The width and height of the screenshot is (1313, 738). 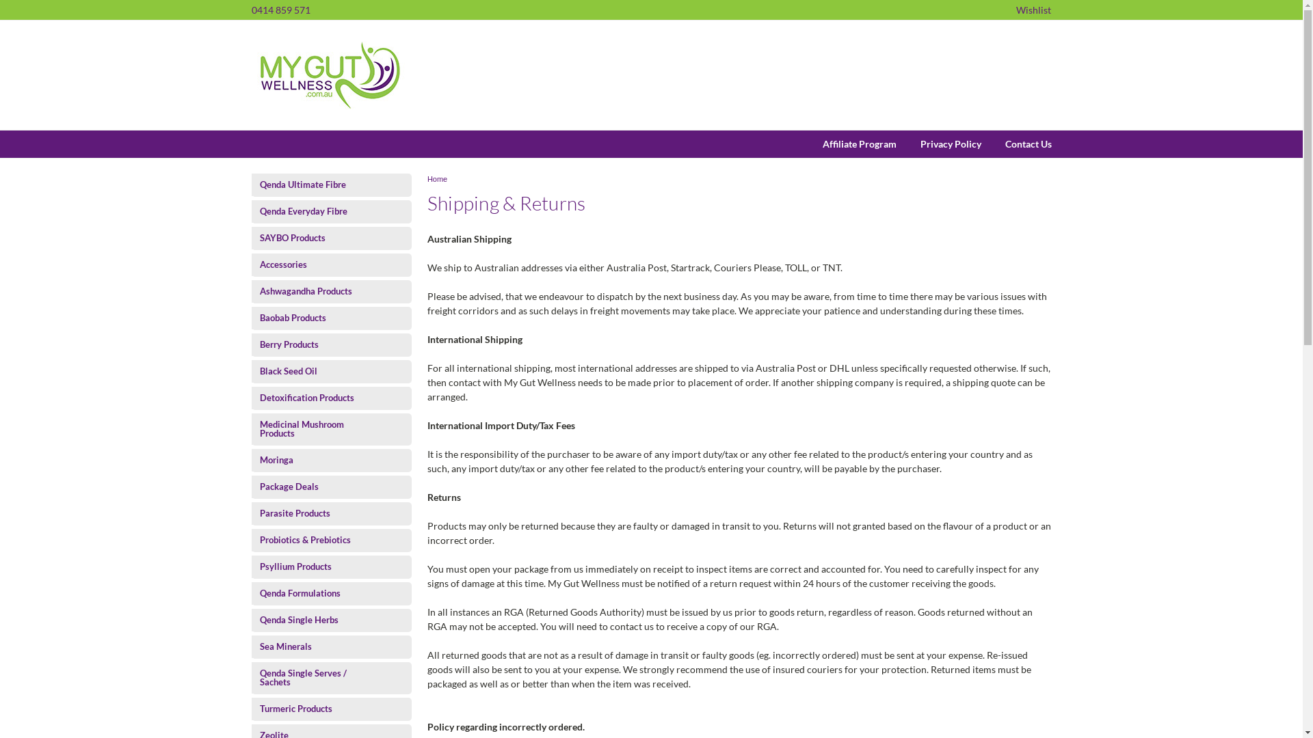 What do you see at coordinates (319, 428) in the screenshot?
I see `'Medicinal Mushroom Products'` at bounding box center [319, 428].